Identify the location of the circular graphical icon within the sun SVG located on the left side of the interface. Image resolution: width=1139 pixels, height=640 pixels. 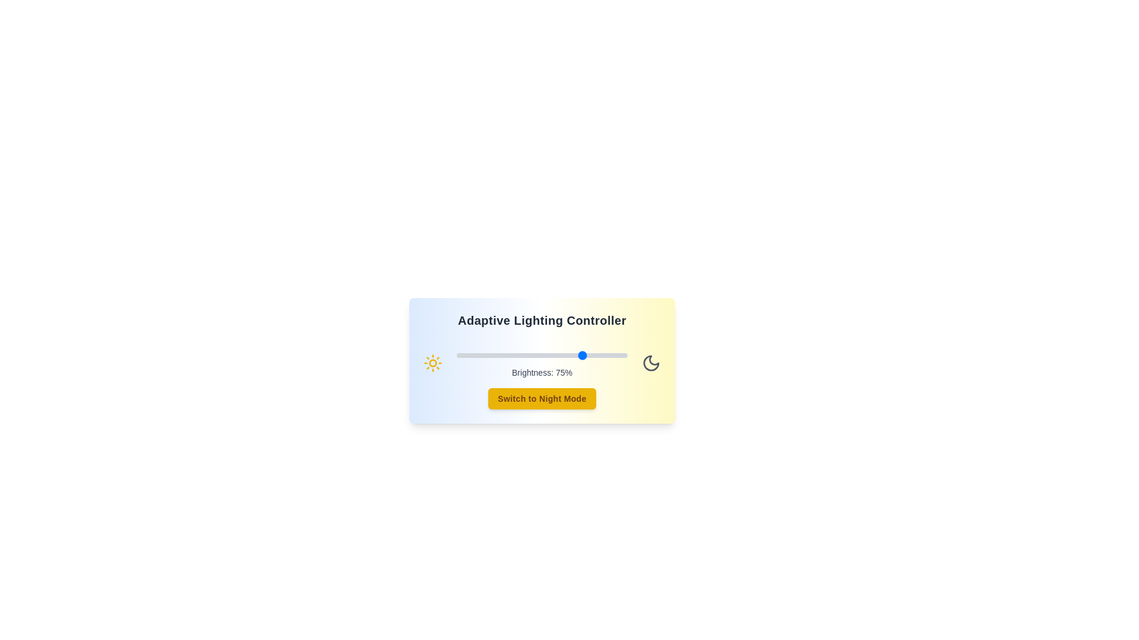
(432, 363).